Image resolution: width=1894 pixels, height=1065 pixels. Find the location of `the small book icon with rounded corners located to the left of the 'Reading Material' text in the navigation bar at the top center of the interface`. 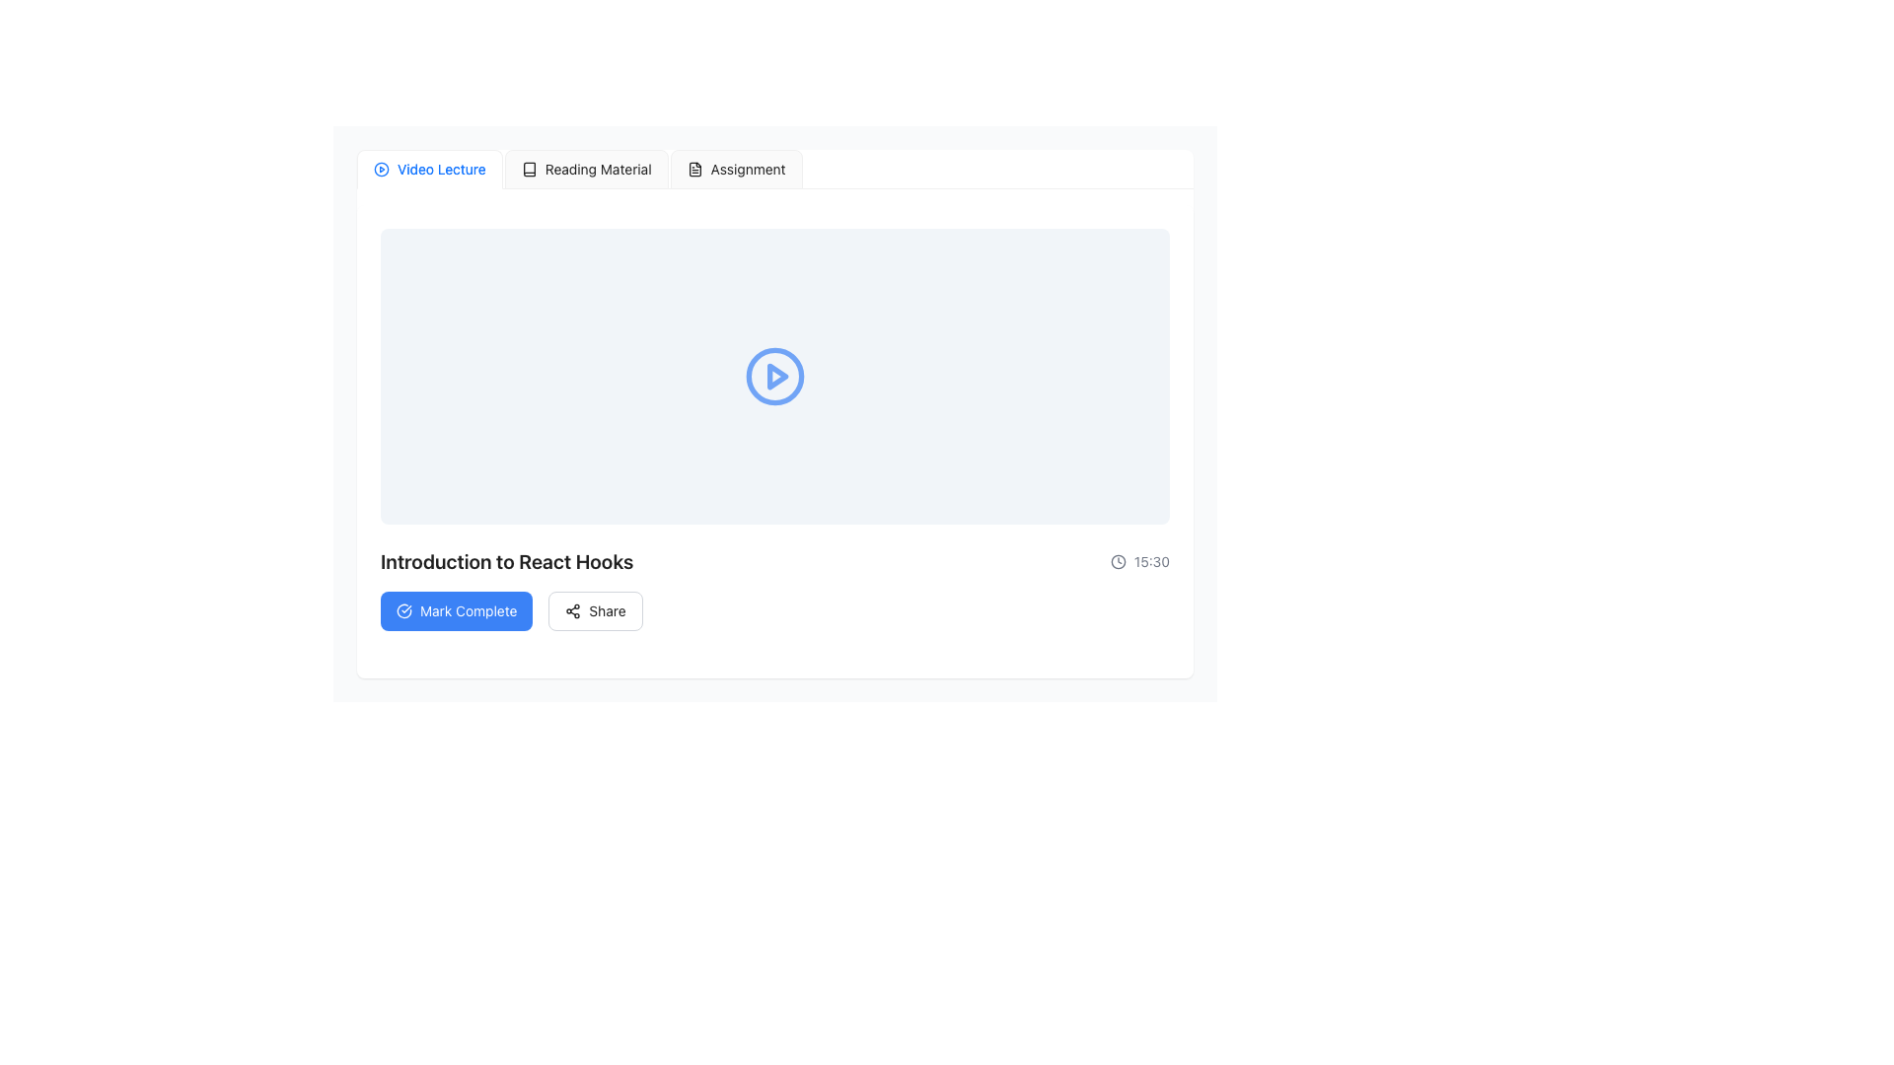

the small book icon with rounded corners located to the left of the 'Reading Material' text in the navigation bar at the top center of the interface is located at coordinates (529, 169).